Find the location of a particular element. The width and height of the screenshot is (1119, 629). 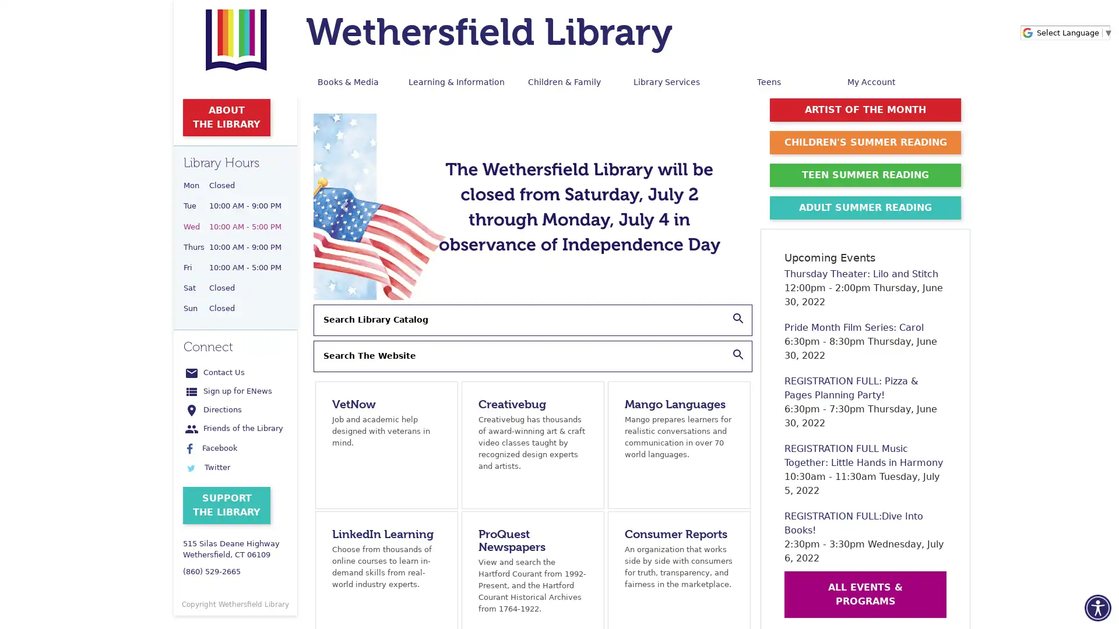

ALL EVENTS & PROGRAMS is located at coordinates (865, 593).